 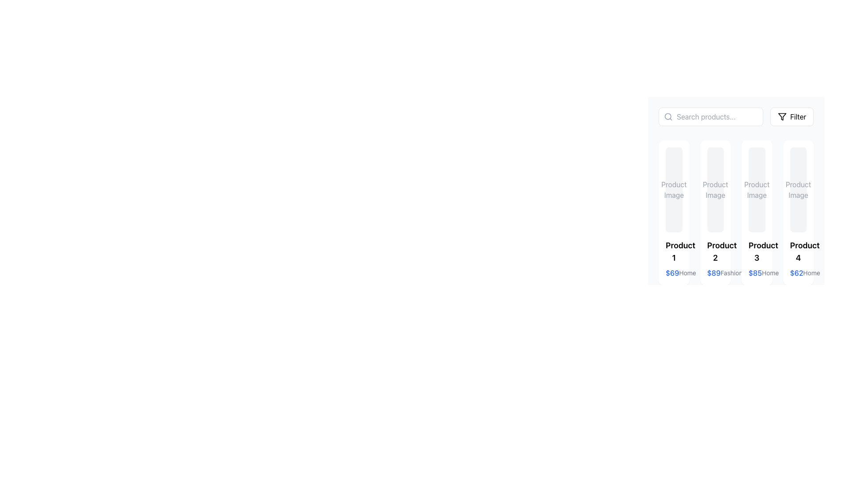 What do you see at coordinates (715, 213) in the screenshot?
I see `the details of the second product card in the grid layout, which displays the product image, name, price, and category` at bounding box center [715, 213].